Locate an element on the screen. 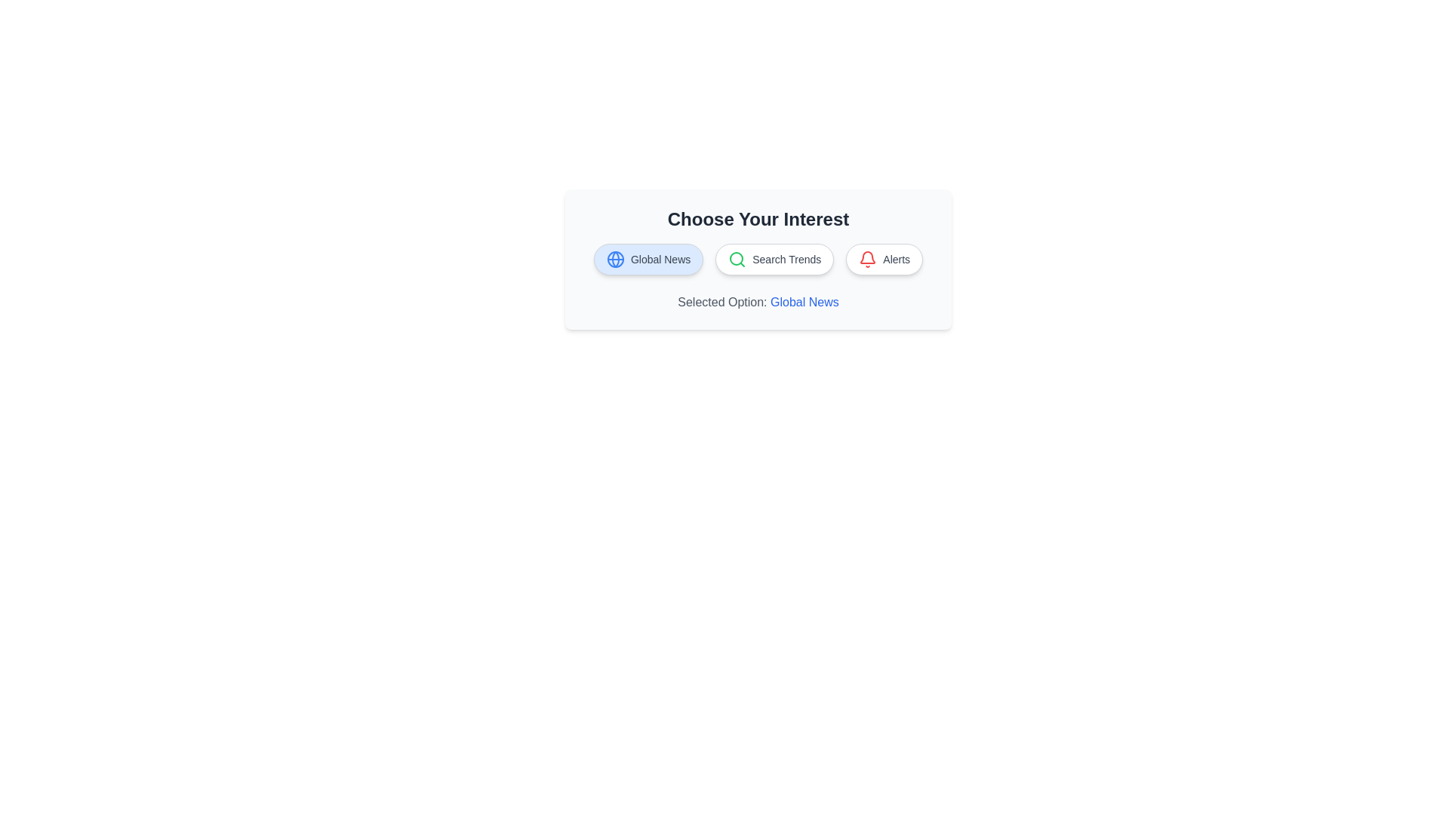 The image size is (1449, 815). the chip labeled Search Trends to see its hover effect is located at coordinates (774, 258).